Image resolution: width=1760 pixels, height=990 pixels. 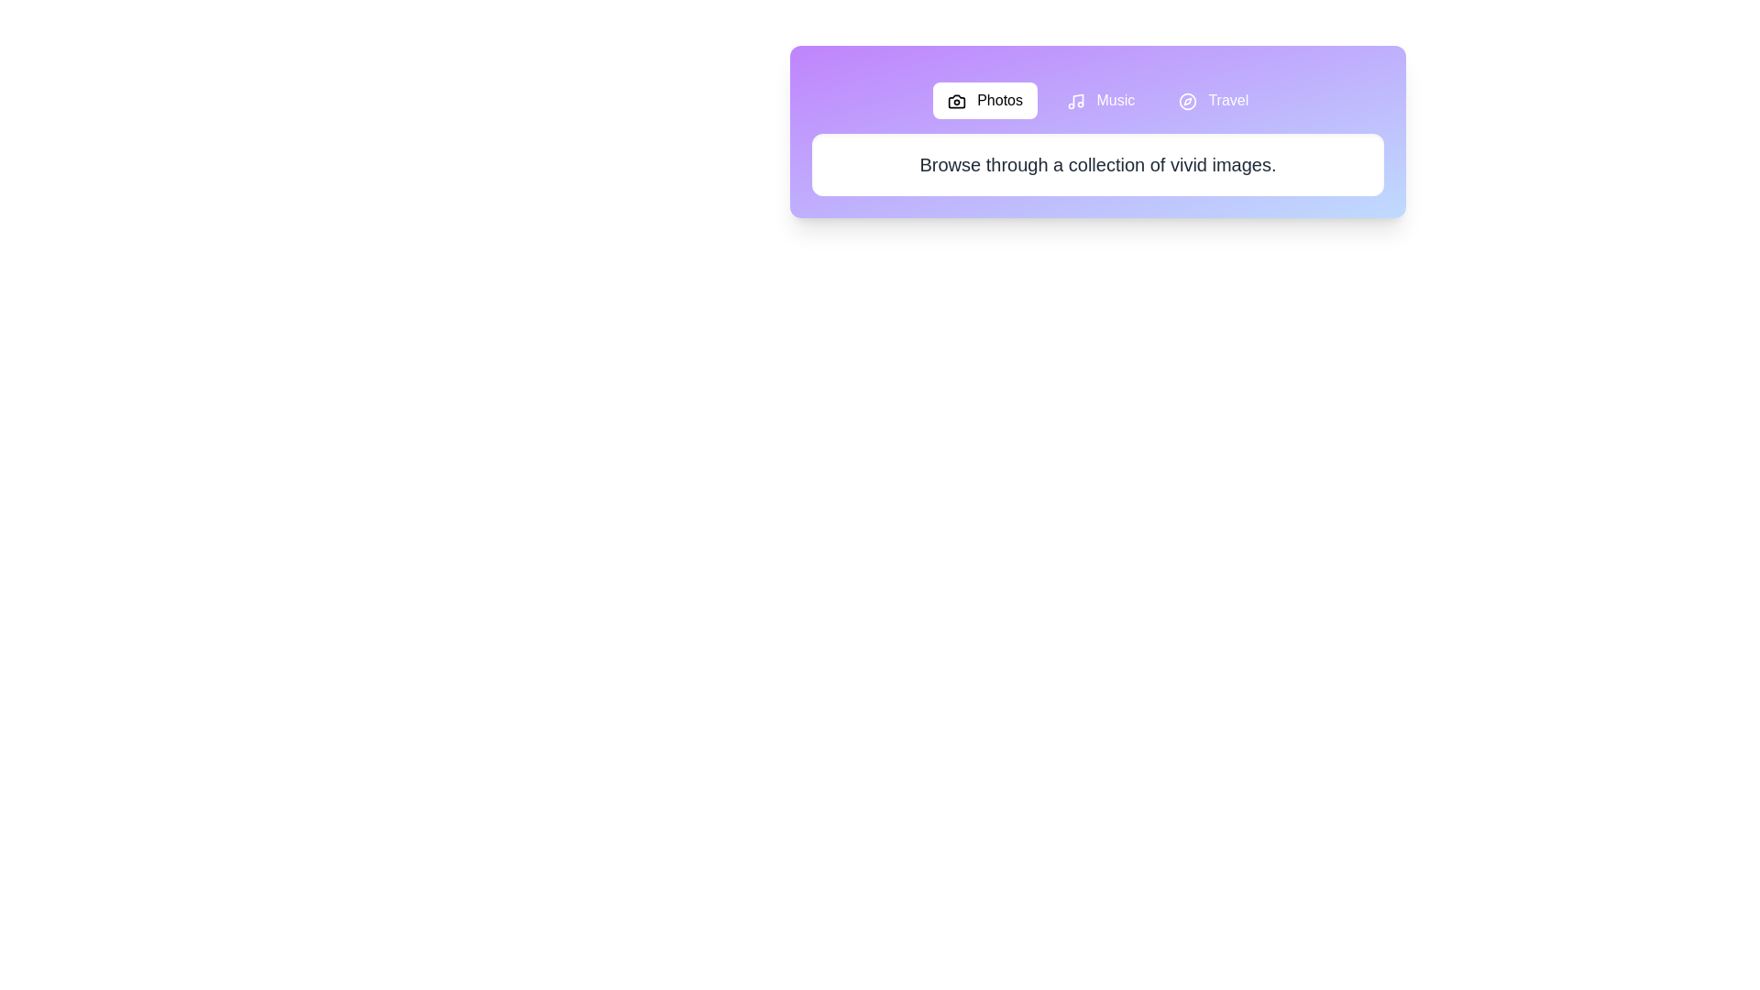 What do you see at coordinates (1214, 101) in the screenshot?
I see `the tab labeled Travel` at bounding box center [1214, 101].